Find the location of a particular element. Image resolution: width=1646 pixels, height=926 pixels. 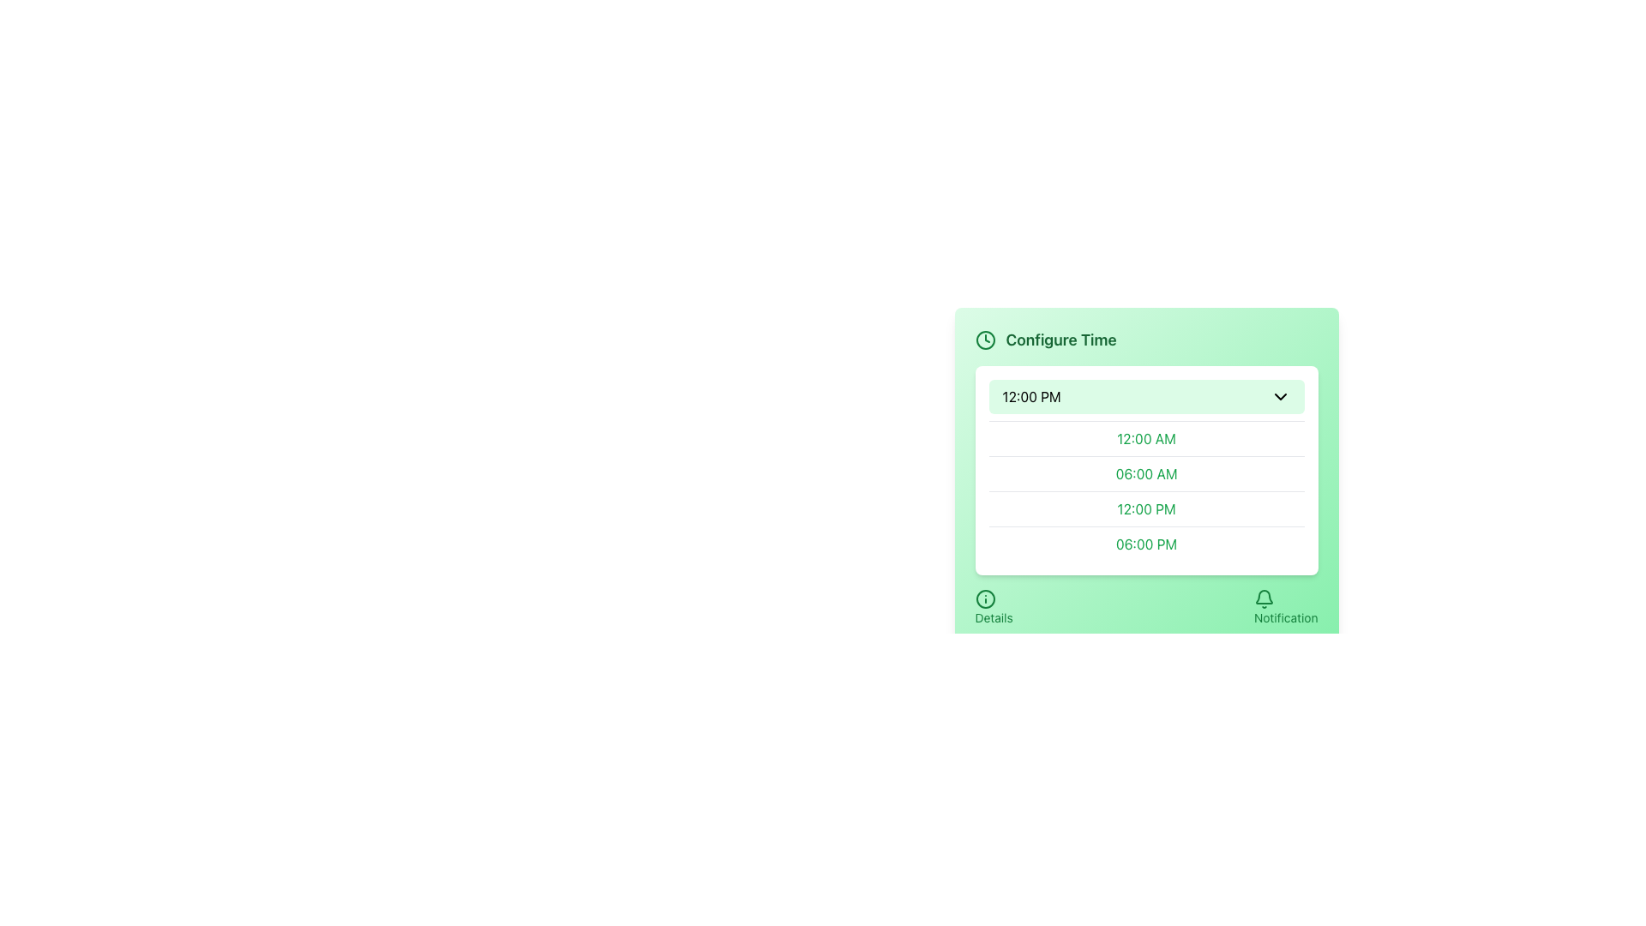

the SVG Circle element that is part of the informational icon located in the bottom-left corner of the interface, near the 'Details' label is located at coordinates (985, 598).